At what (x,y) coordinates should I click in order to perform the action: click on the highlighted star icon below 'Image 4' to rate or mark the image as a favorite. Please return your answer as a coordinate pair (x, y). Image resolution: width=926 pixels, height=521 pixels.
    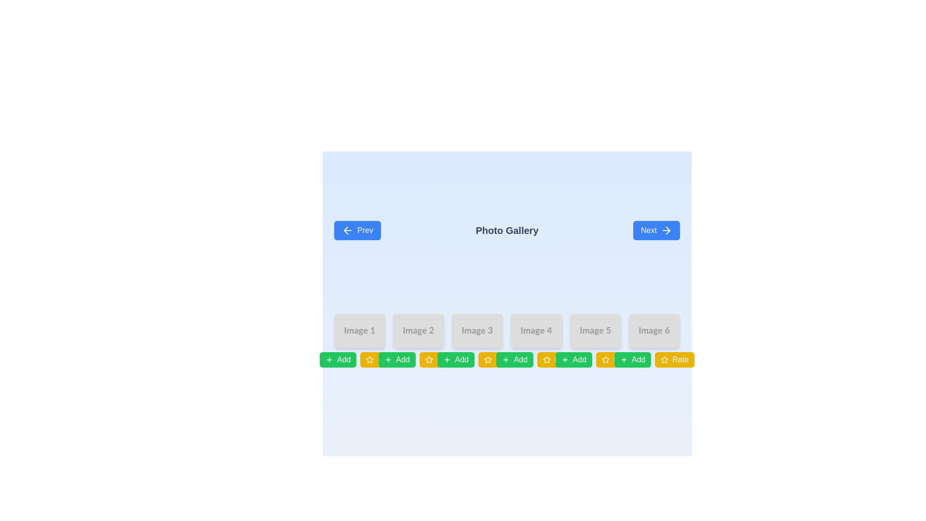
    Looking at the image, I should click on (546, 359).